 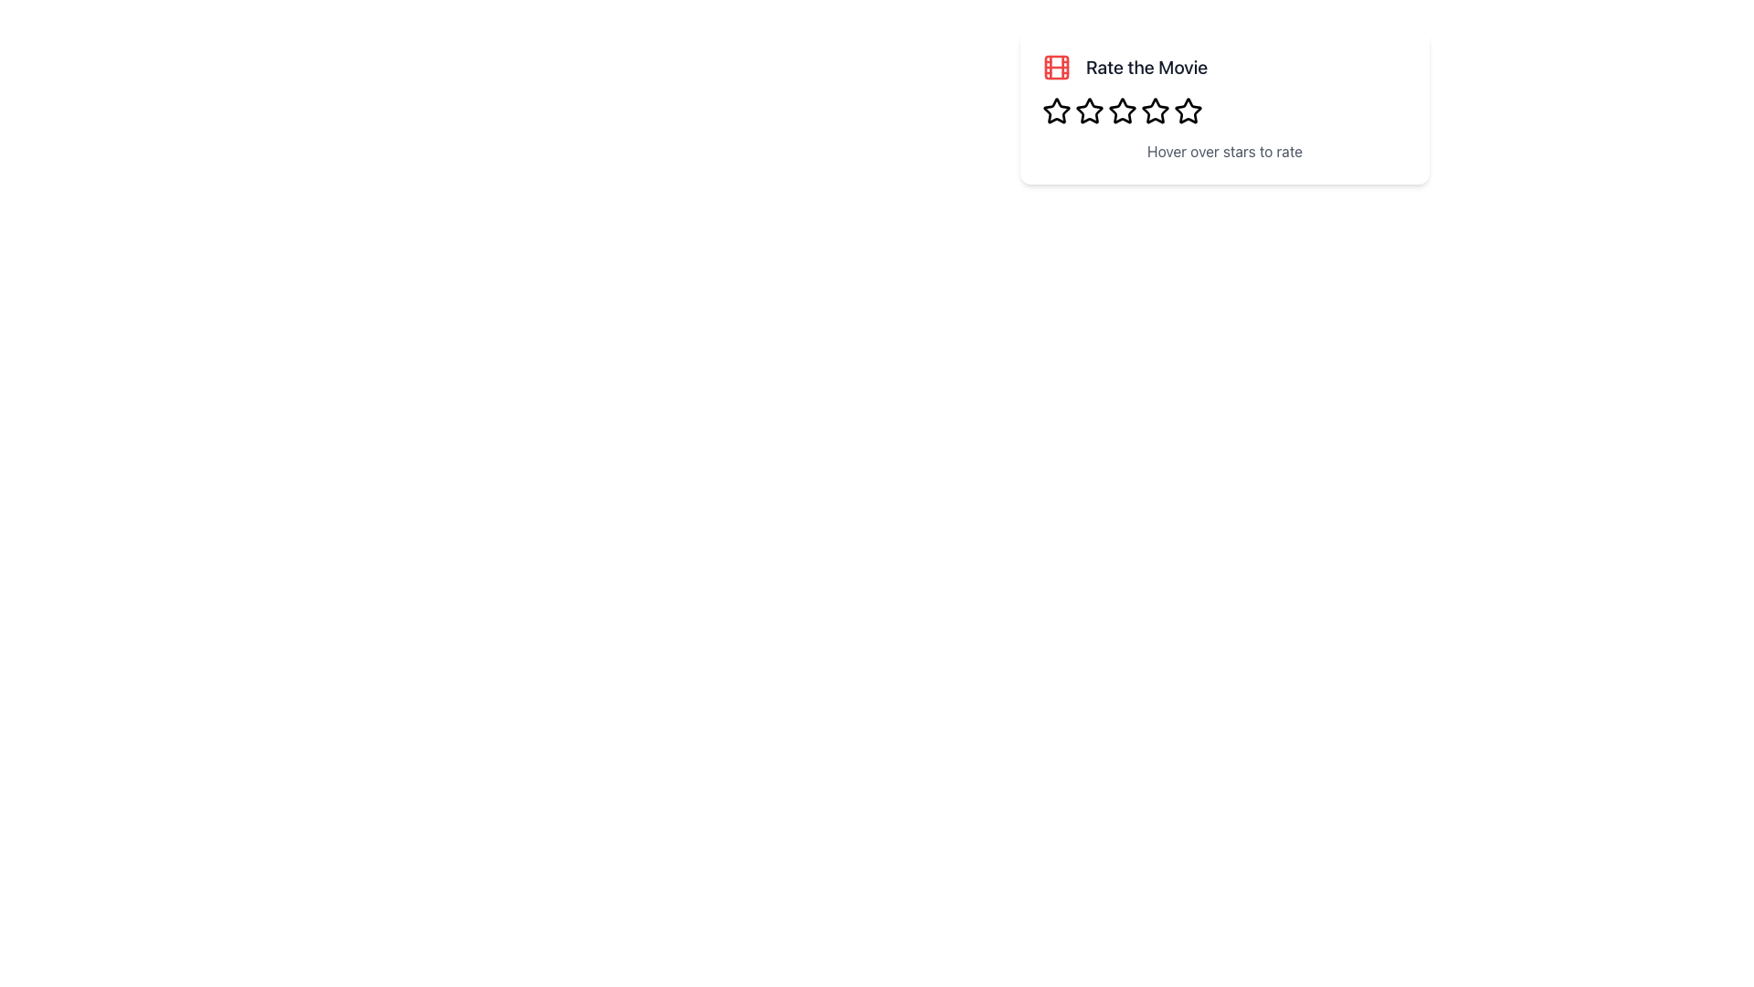 What do you see at coordinates (1146, 66) in the screenshot?
I see `the static text label that prompts the user to rate a movie, located to the right of a film reel icon` at bounding box center [1146, 66].